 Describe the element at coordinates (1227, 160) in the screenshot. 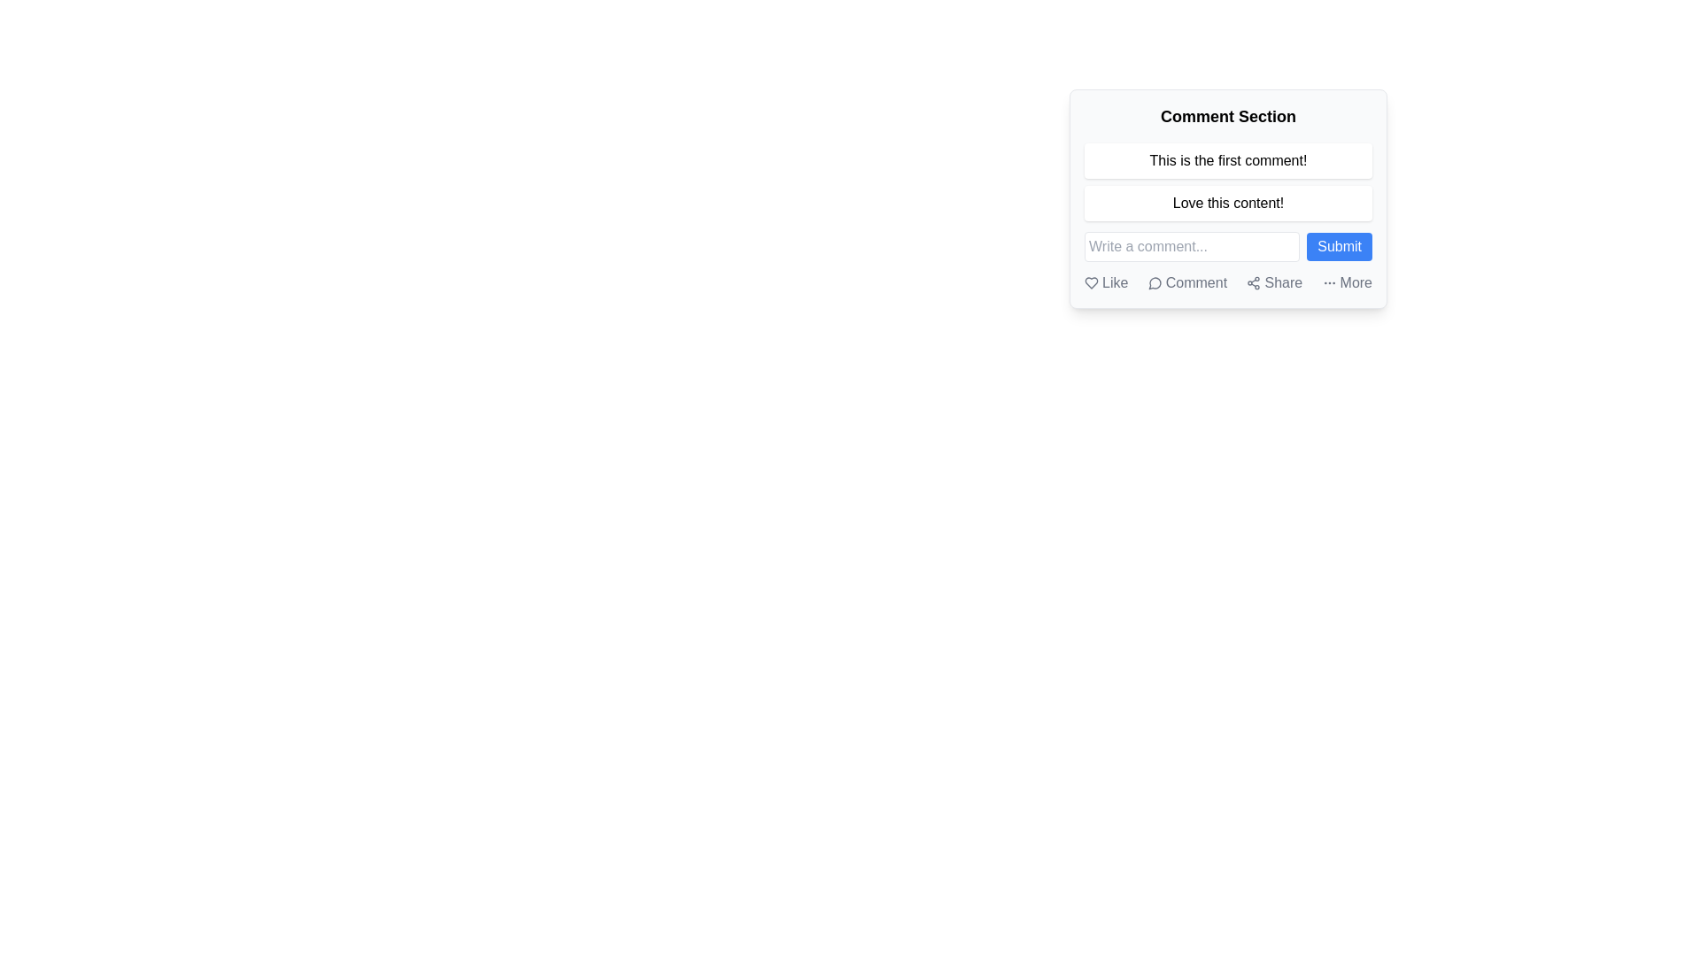

I see `displayed text of the Text Label that shows 'This is the first comment!' positioned in the Comment Section, above the element with 'Love this content!'` at that location.